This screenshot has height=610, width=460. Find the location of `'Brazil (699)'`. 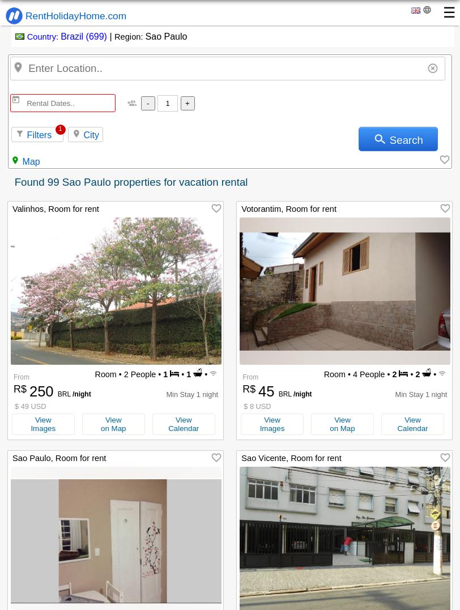

'Brazil (699)' is located at coordinates (83, 36).